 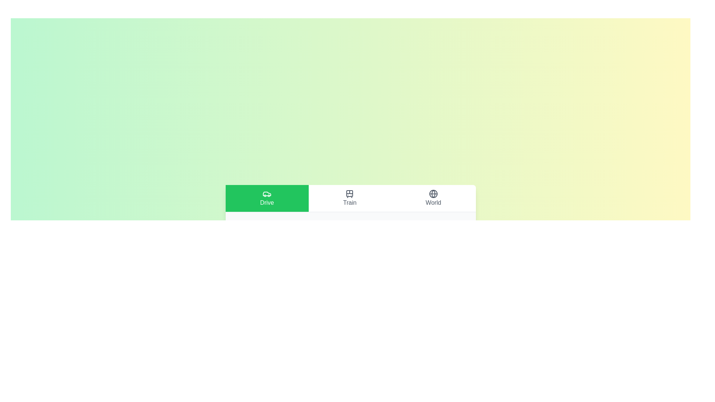 I want to click on the Train tab by clicking on its area, so click(x=349, y=198).